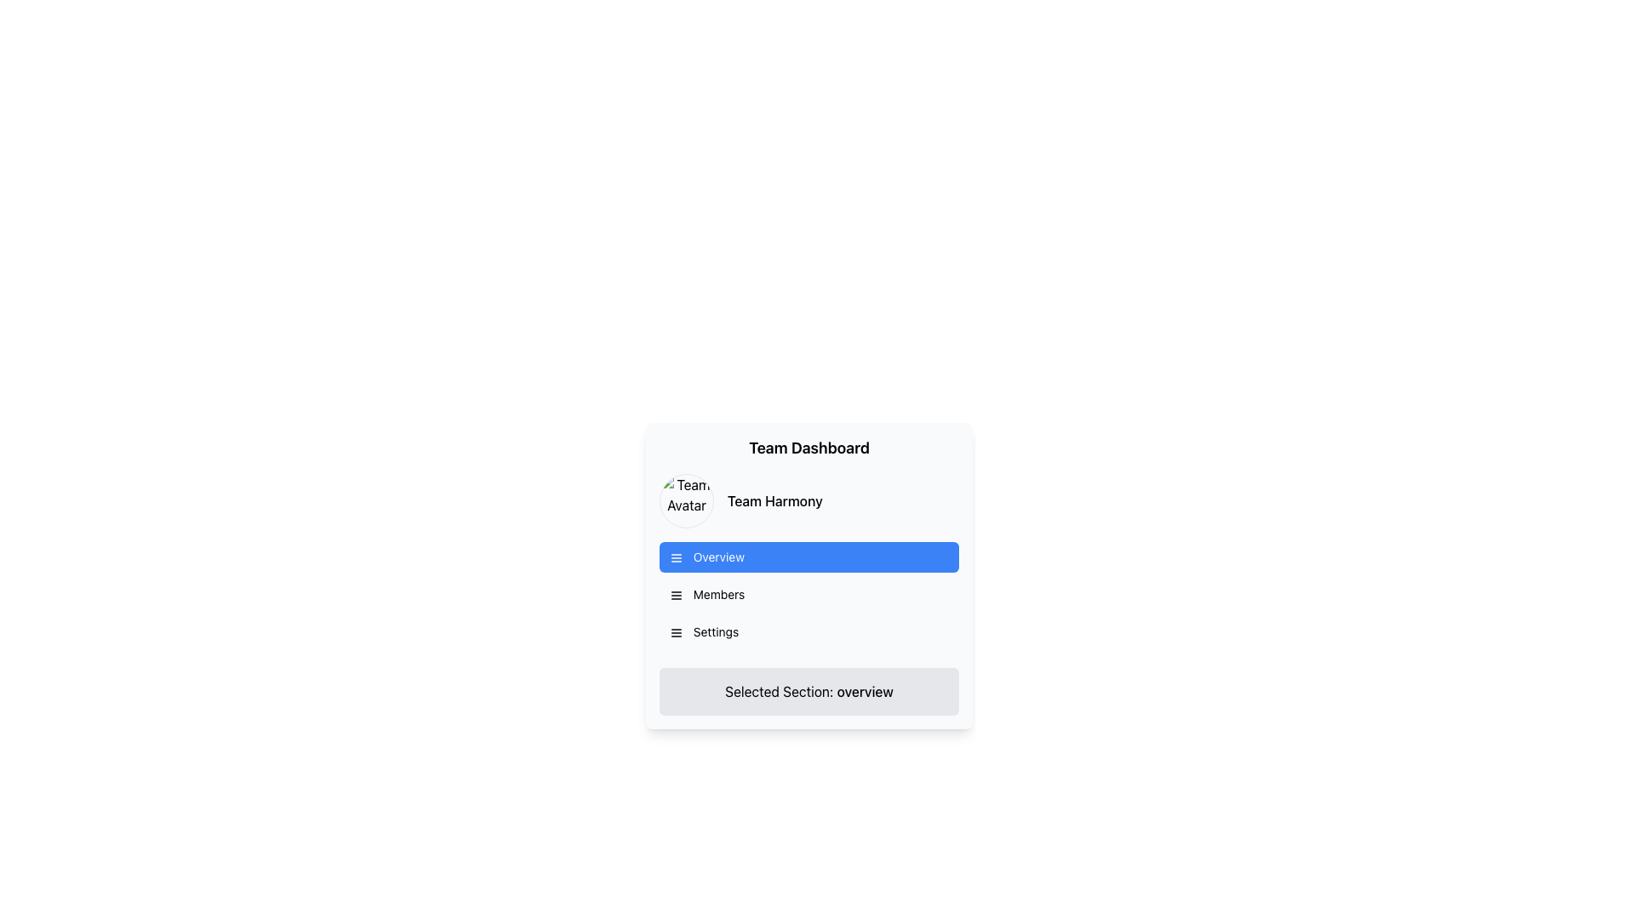  What do you see at coordinates (676, 594) in the screenshot?
I see `the icon located to the left of the 'Members' text label in the Team Dashboard menu` at bounding box center [676, 594].